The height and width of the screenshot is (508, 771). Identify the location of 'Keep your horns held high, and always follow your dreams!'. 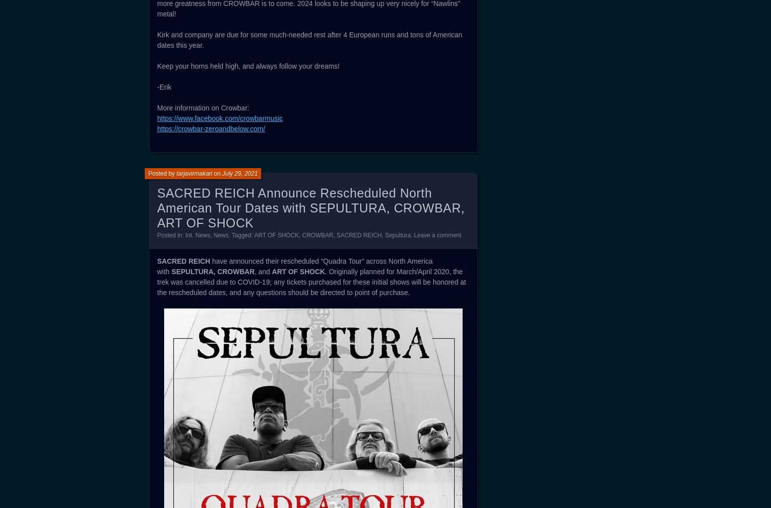
(247, 66).